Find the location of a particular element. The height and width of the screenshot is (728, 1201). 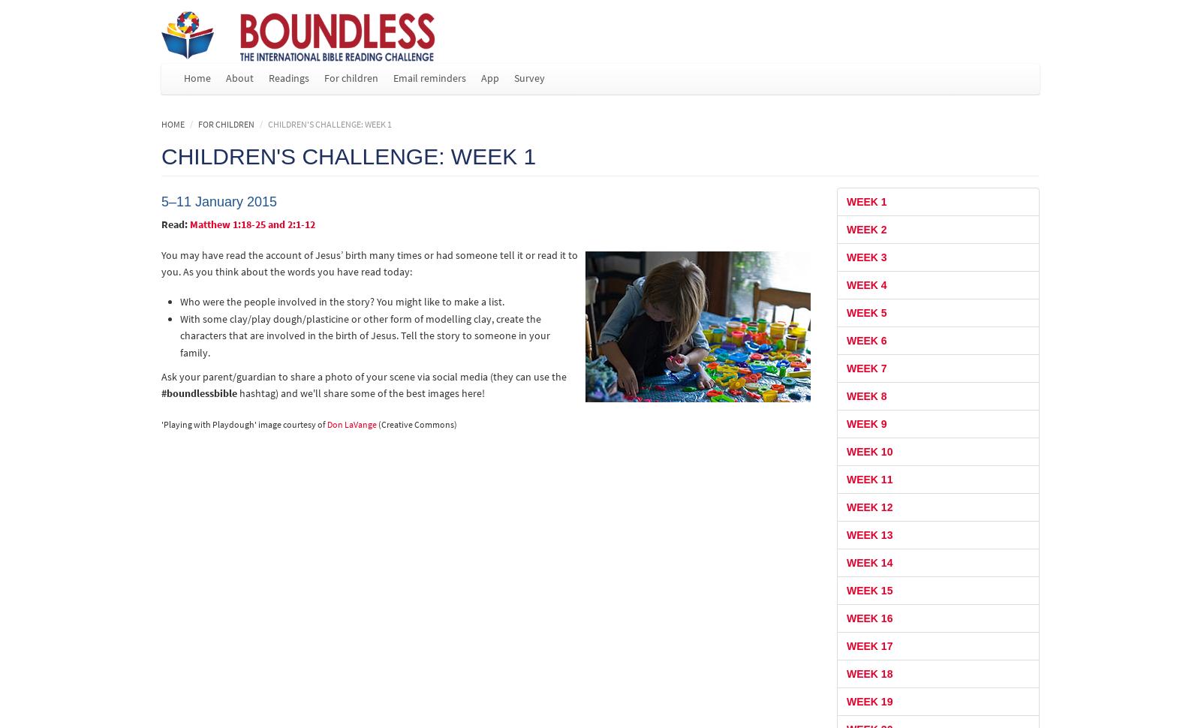

'Week 9' is located at coordinates (865, 422).